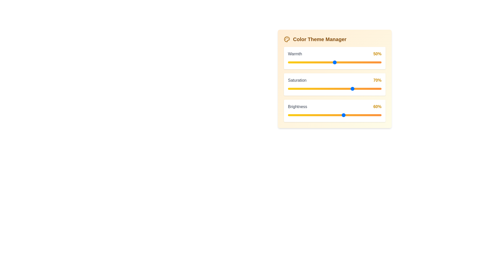 The width and height of the screenshot is (488, 274). I want to click on the 0 slider to 55%, so click(339, 62).